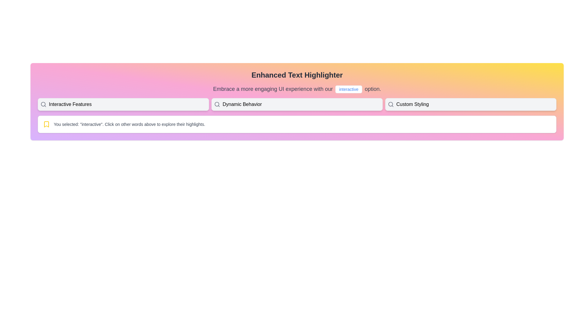 This screenshot has height=326, width=580. Describe the element at coordinates (46, 124) in the screenshot. I see `the bookmark SVG icon located inside the text box below the search bar, which signifies selection or highlights accompanying text` at that location.